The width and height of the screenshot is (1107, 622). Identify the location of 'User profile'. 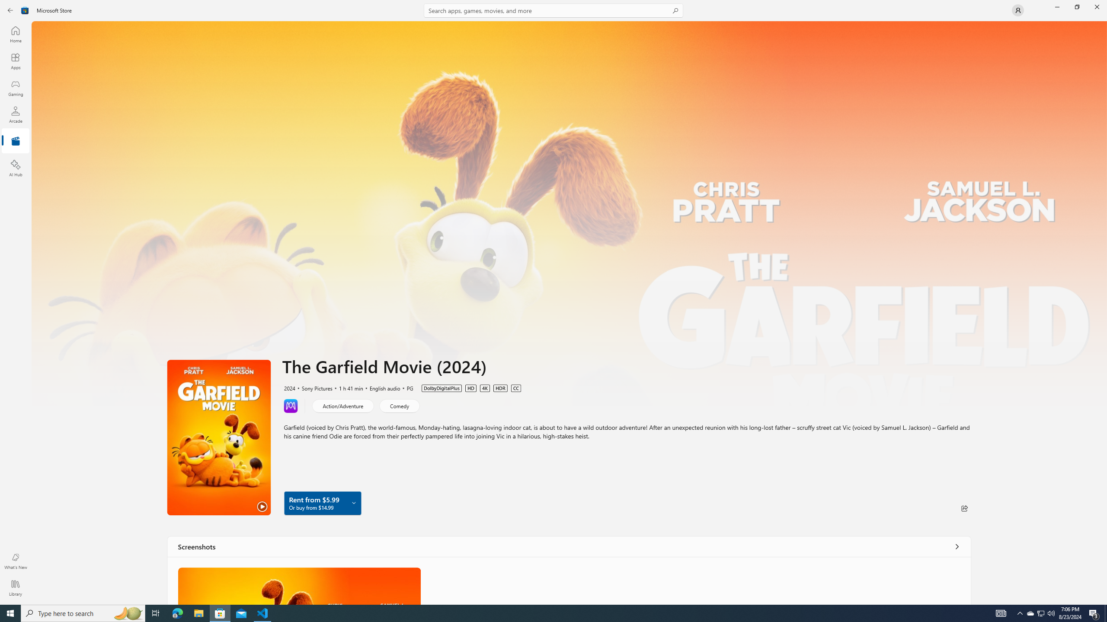
(1017, 10).